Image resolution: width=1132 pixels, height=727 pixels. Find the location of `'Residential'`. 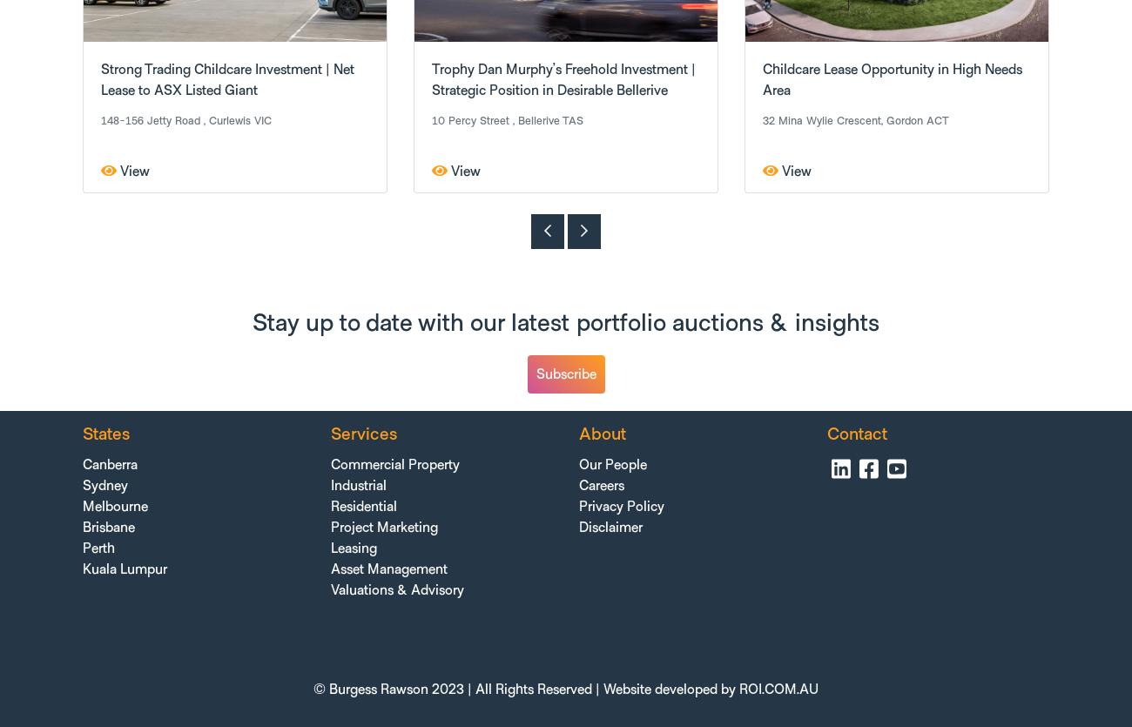

'Residential' is located at coordinates (363, 505).